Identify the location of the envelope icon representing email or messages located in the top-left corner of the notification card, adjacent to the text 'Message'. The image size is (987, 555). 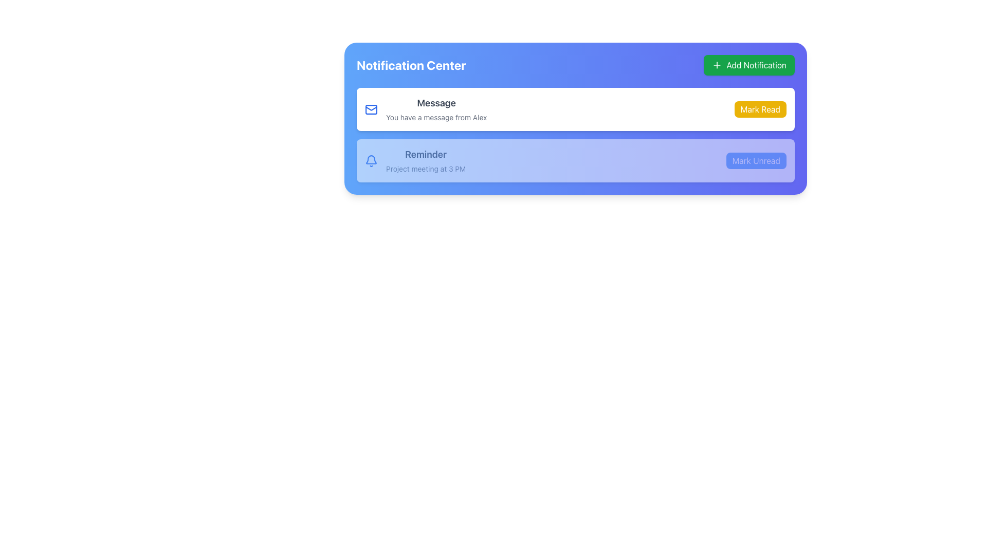
(371, 109).